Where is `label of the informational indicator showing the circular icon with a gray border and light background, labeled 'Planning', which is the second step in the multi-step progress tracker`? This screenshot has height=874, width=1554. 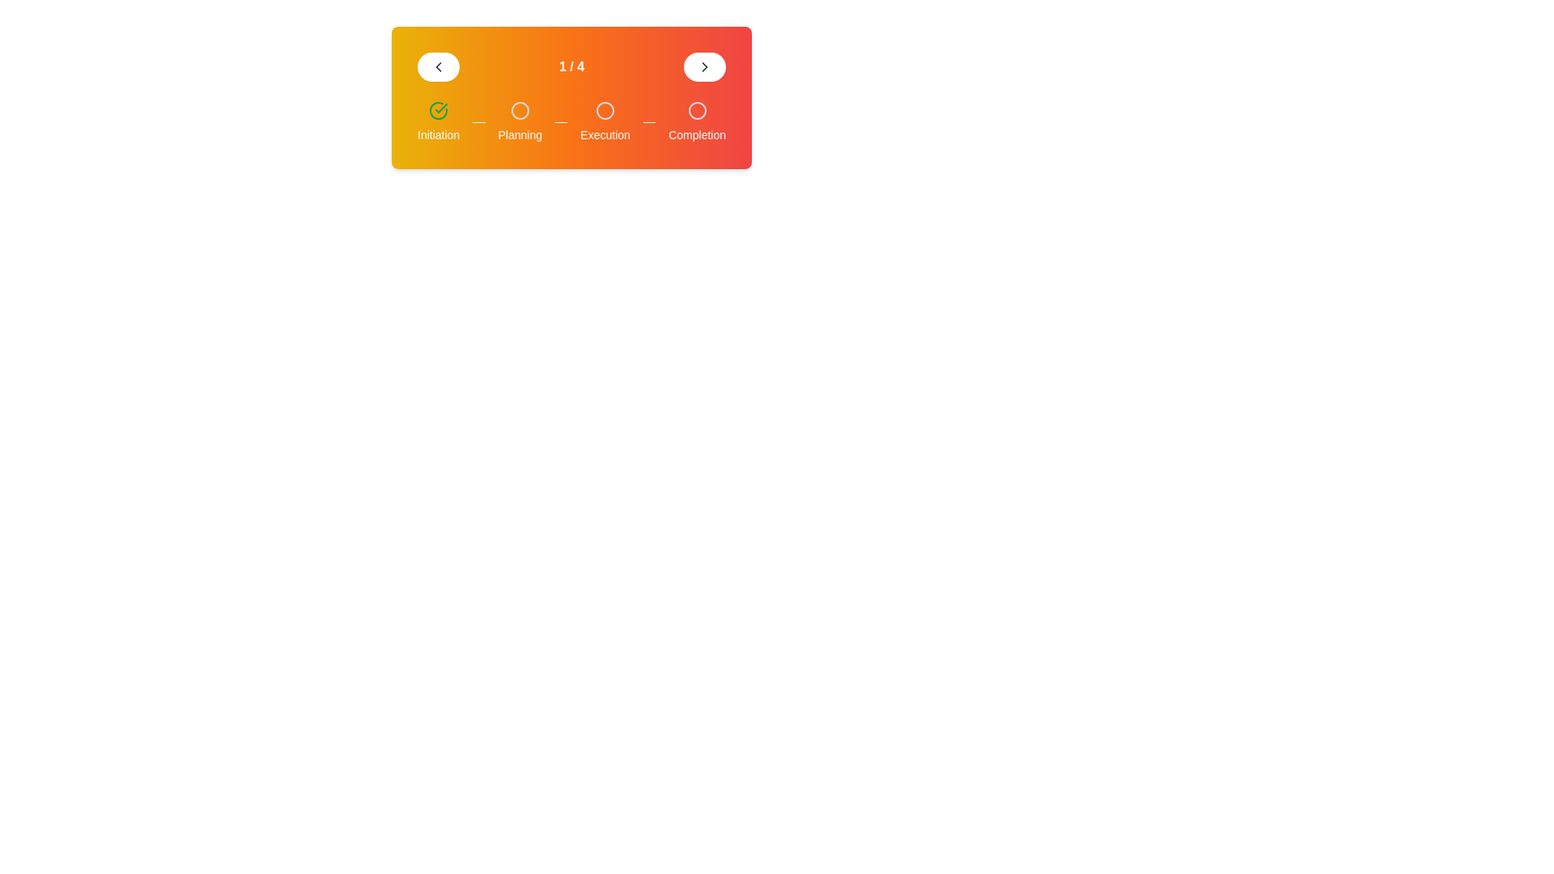 label of the informational indicator showing the circular icon with a gray border and light background, labeled 'Planning', which is the second step in the multi-step progress tracker is located at coordinates (520, 121).